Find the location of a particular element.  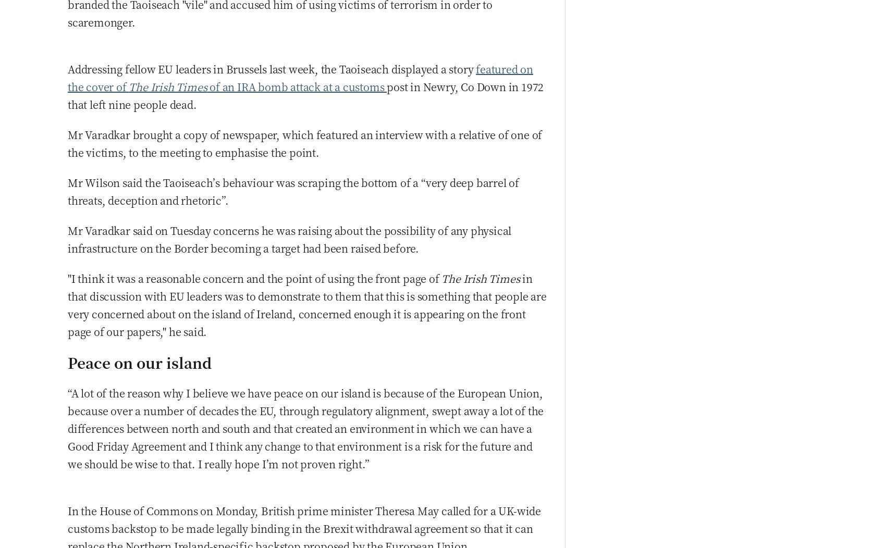

'Peace on our island' is located at coordinates (139, 361).